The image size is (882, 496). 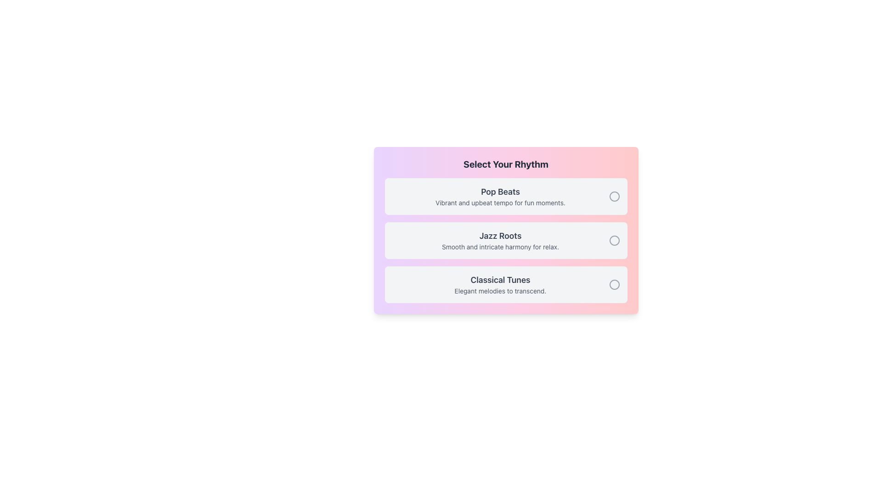 I want to click on the inner circle of the radio button for the 'Jazz Roots' option, so click(x=614, y=240).